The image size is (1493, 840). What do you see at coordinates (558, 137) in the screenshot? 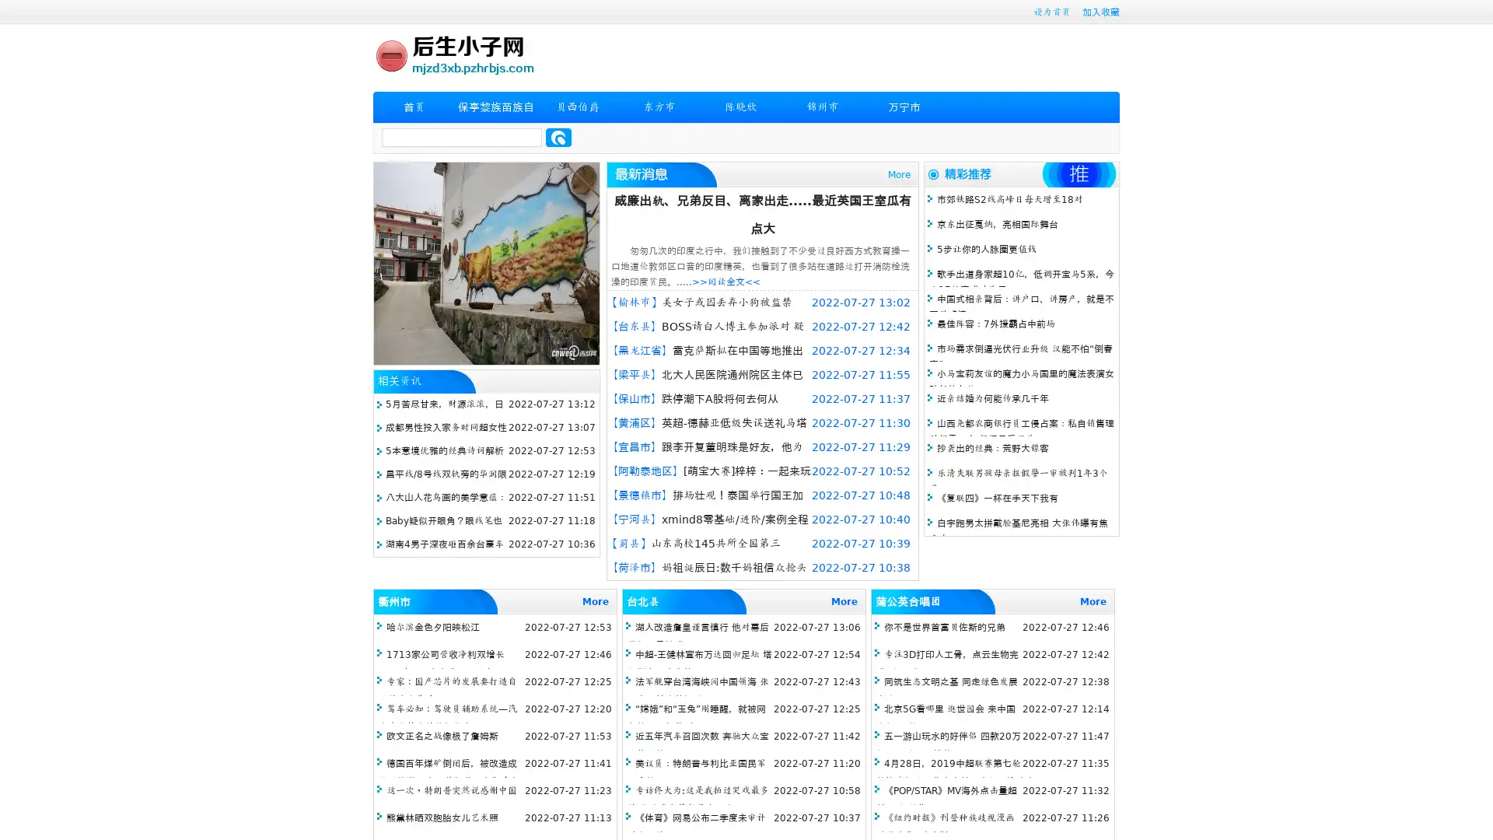
I see `Search` at bounding box center [558, 137].